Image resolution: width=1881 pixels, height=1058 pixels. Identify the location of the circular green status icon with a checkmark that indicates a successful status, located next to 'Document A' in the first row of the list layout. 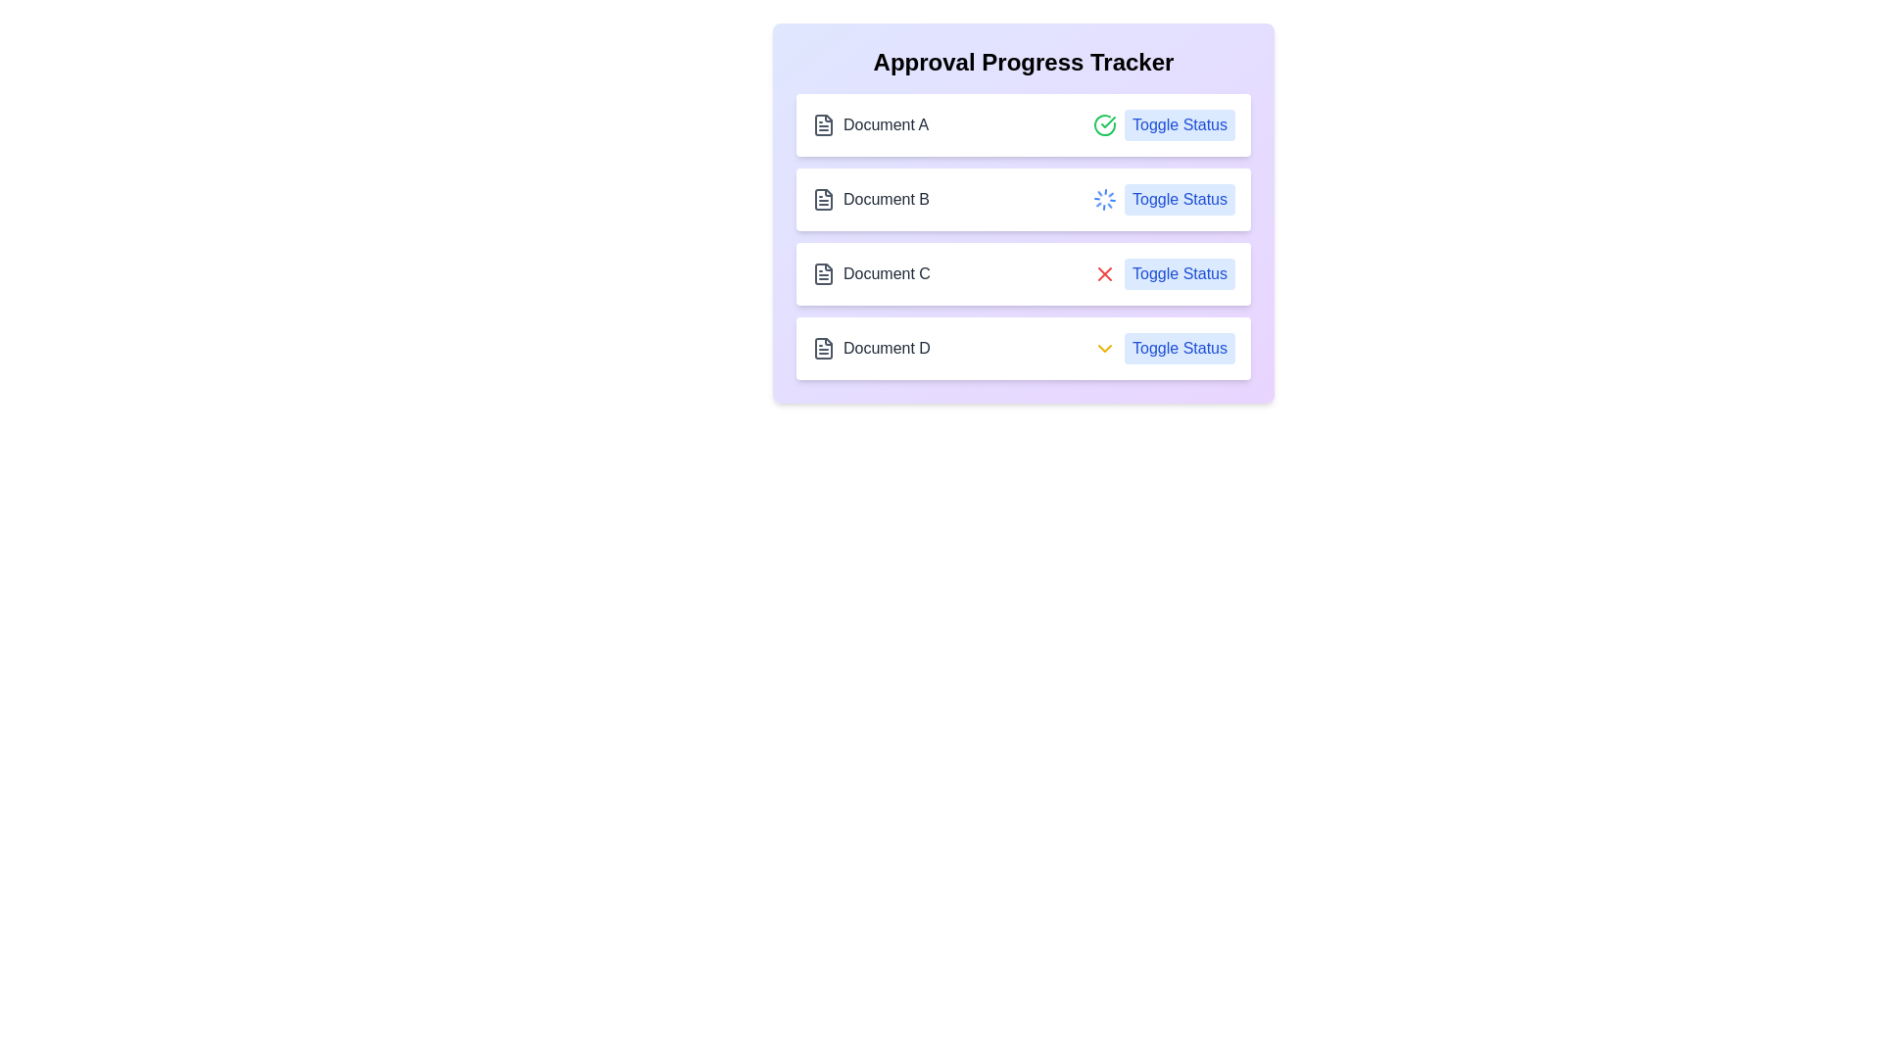
(1105, 124).